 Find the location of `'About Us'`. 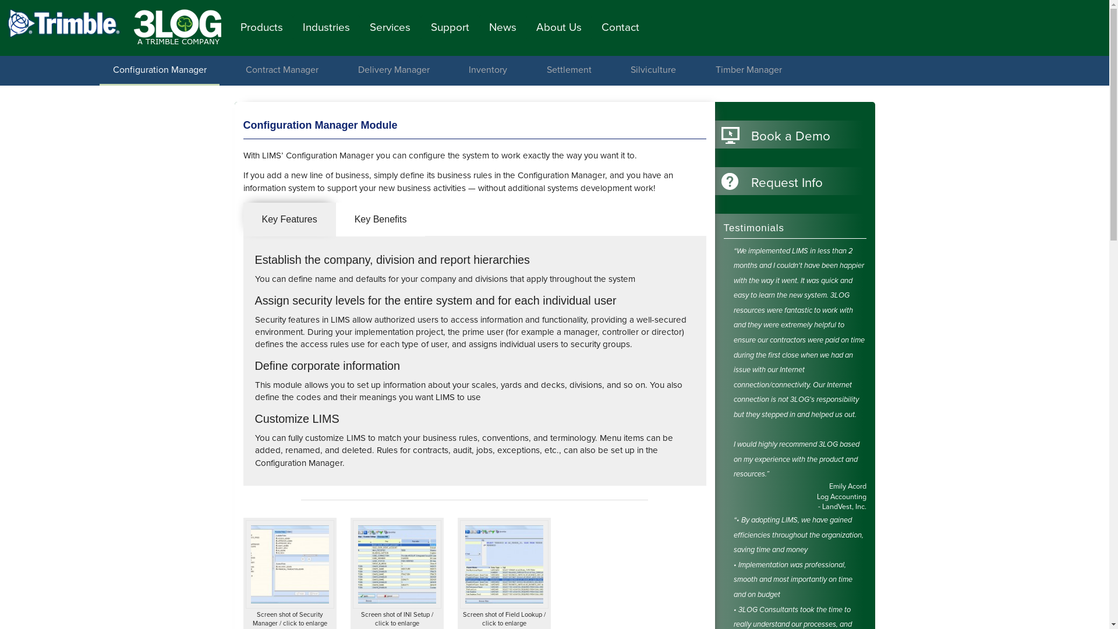

'About Us' is located at coordinates (559, 27).